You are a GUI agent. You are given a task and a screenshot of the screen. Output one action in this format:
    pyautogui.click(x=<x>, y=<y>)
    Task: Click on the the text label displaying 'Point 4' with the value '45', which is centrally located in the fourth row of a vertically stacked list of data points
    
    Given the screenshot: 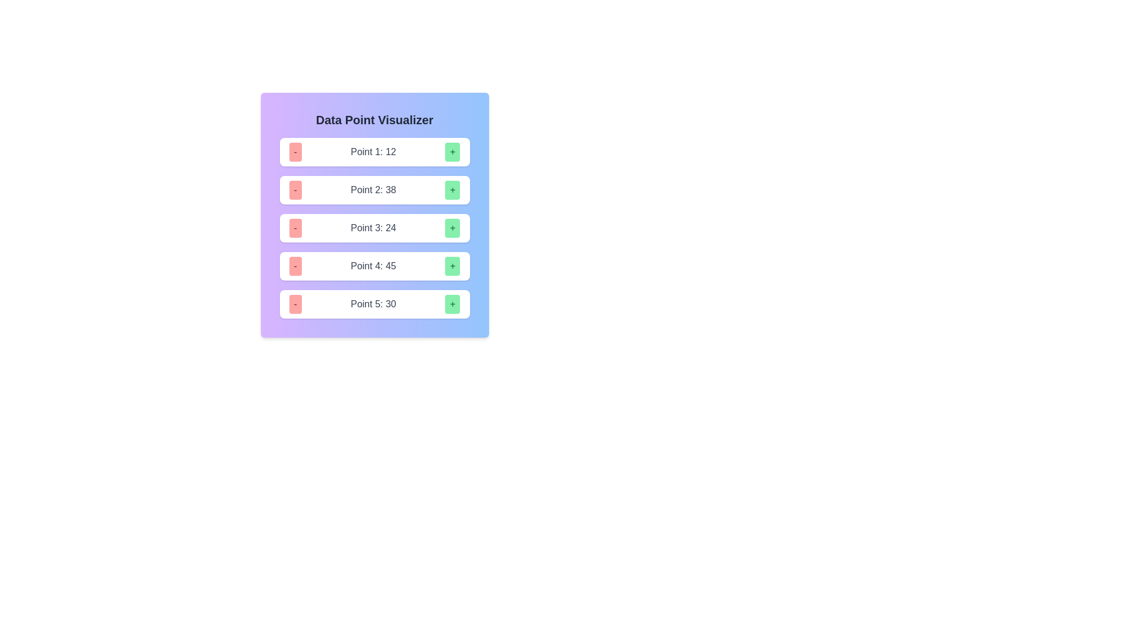 What is the action you would take?
    pyautogui.click(x=373, y=265)
    